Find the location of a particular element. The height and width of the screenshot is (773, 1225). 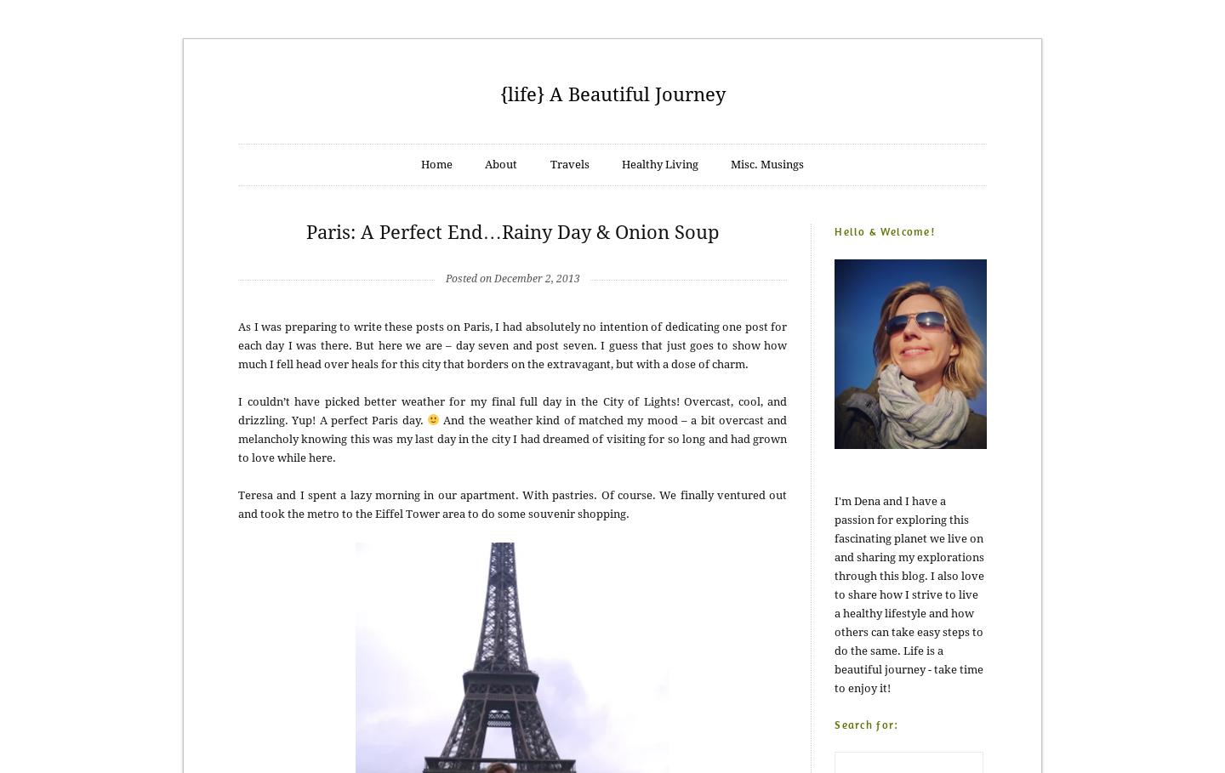

'Healthy Living' is located at coordinates (619, 164).